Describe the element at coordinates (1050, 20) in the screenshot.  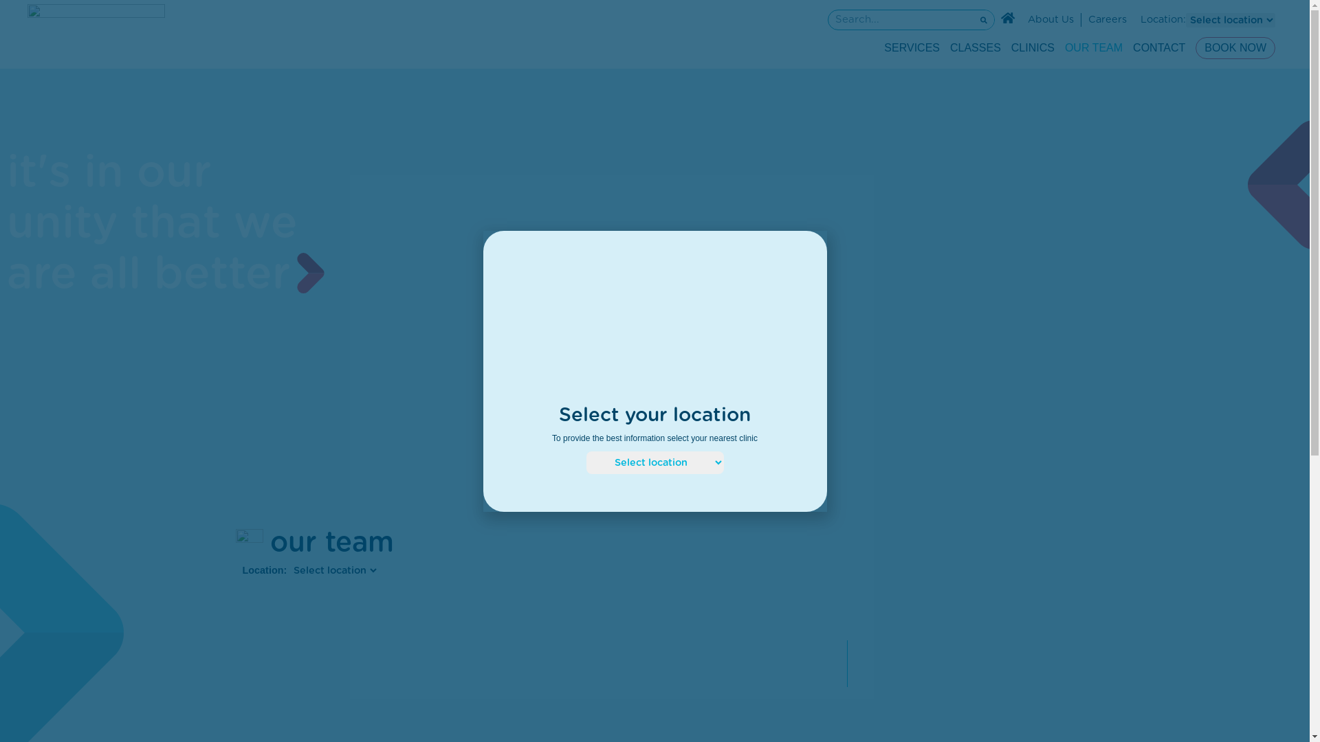
I see `'About Us'` at that location.